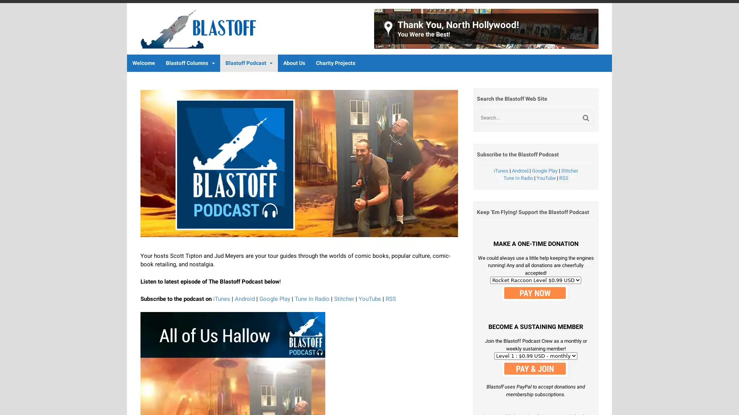  What do you see at coordinates (535, 368) in the screenshot?
I see `PayPal - The safer, easier way to pay online!` at bounding box center [535, 368].